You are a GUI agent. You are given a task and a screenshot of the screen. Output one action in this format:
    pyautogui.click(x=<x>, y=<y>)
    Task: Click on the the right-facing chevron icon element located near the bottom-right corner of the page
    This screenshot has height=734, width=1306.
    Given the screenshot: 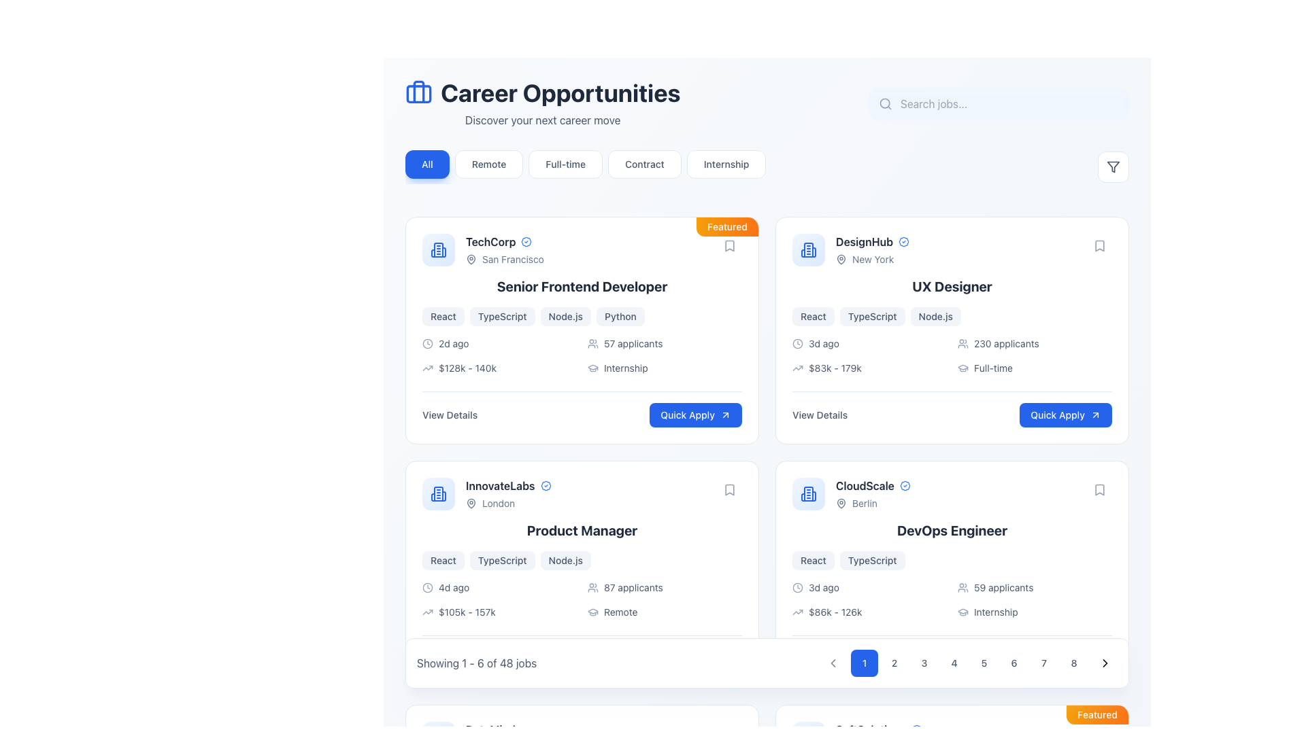 What is the action you would take?
    pyautogui.click(x=1105, y=662)
    